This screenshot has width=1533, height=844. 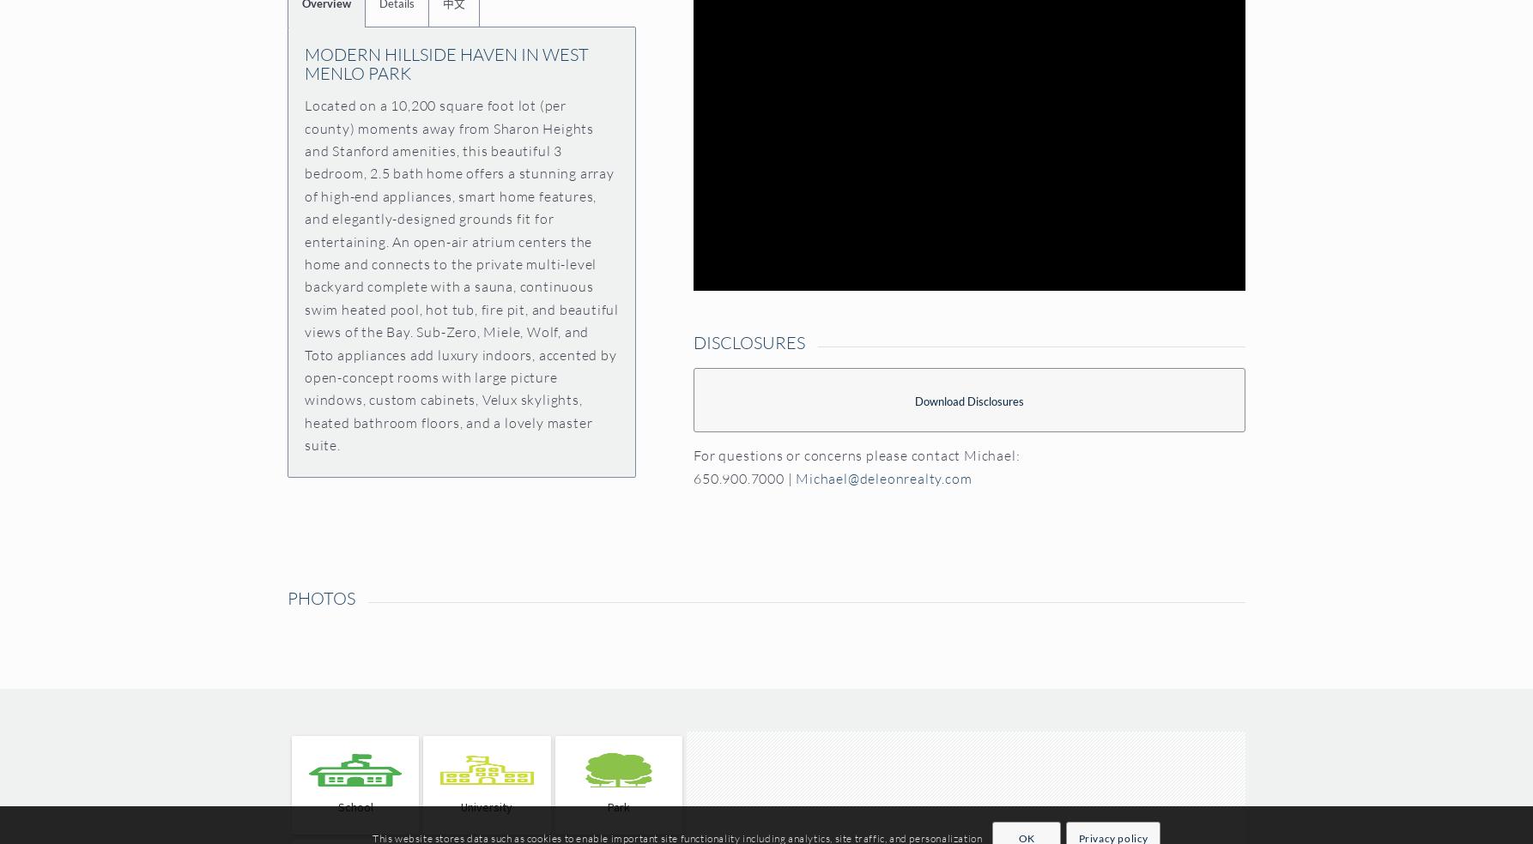 I want to click on 'University', so click(x=486, y=806).